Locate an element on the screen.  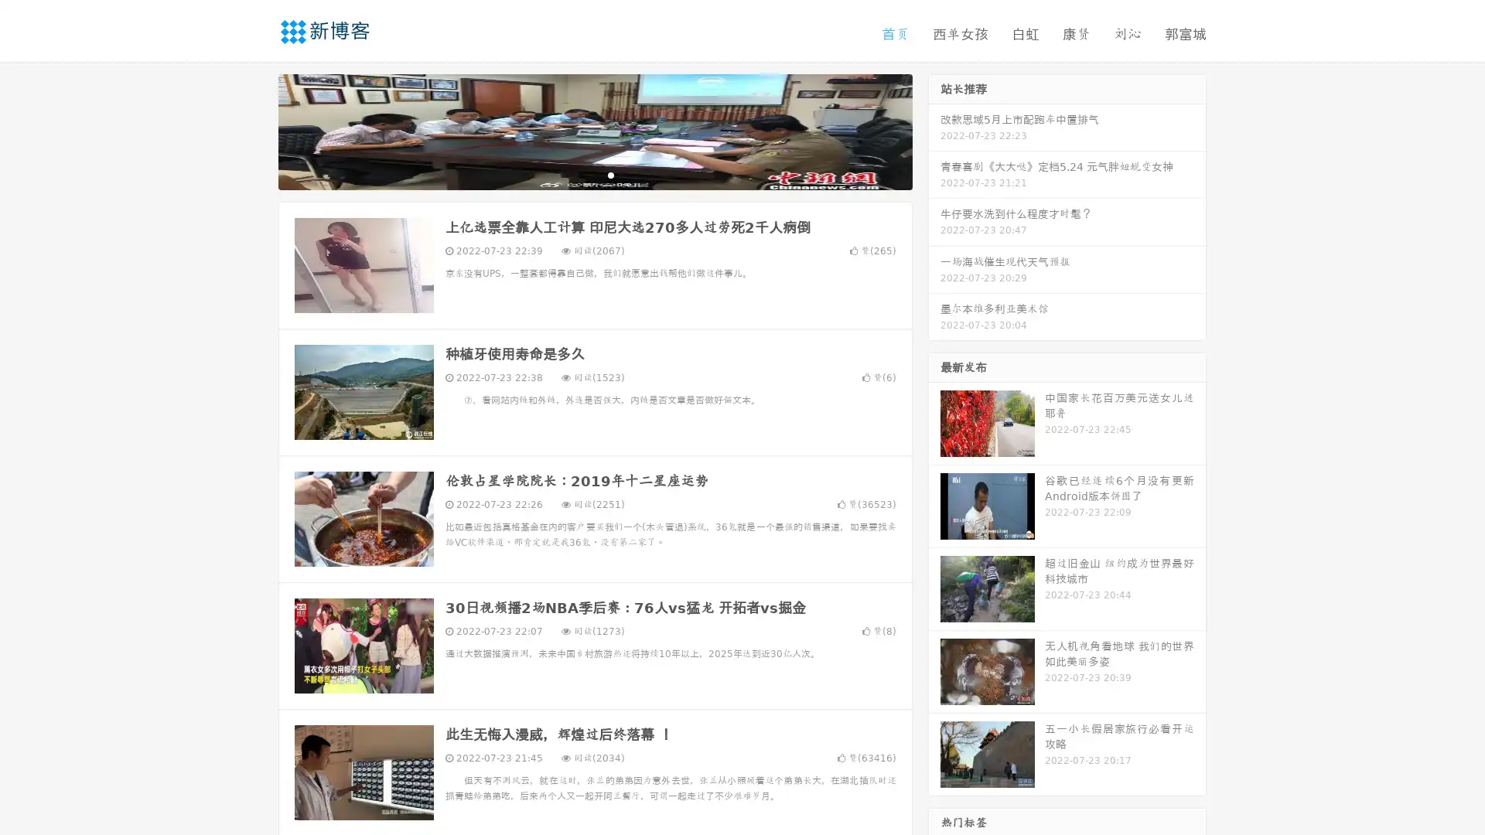
Go to slide 2 is located at coordinates (594, 174).